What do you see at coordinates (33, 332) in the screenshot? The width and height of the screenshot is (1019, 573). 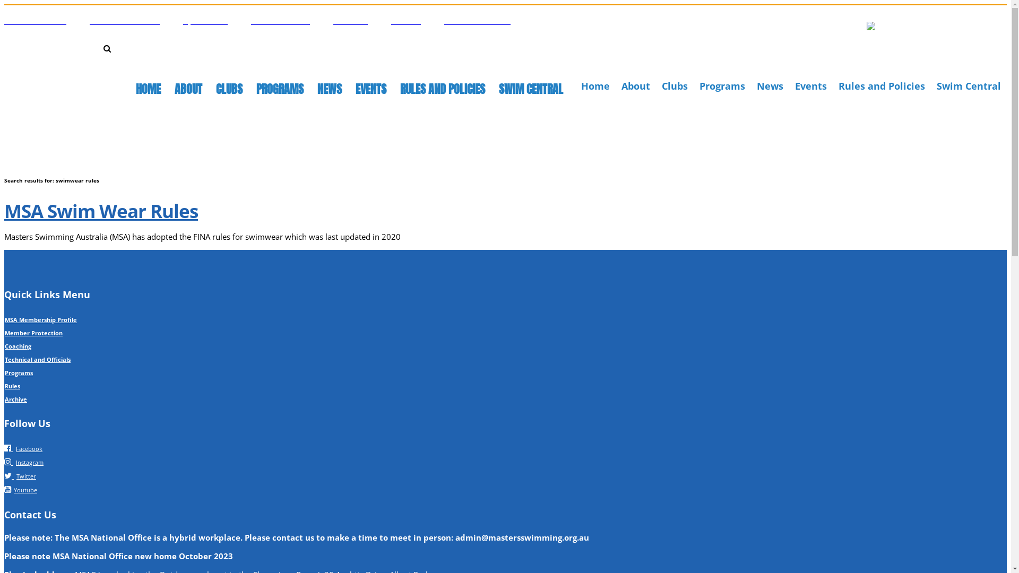 I see `'Member Protection'` at bounding box center [33, 332].